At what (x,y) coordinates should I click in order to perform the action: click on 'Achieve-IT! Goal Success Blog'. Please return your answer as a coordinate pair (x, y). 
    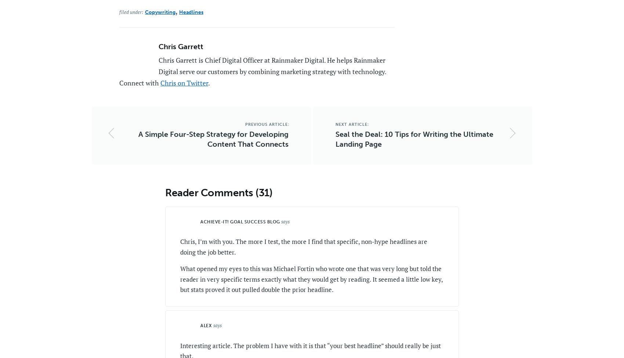
    Looking at the image, I should click on (240, 222).